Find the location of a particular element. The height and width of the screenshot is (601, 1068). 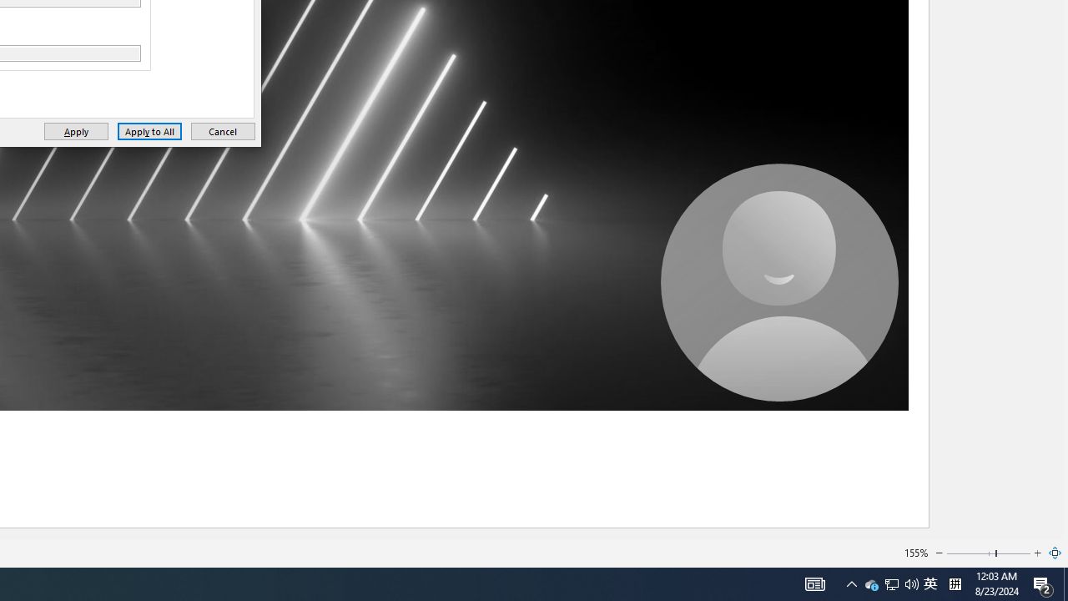

'Apply' is located at coordinates (75, 130).